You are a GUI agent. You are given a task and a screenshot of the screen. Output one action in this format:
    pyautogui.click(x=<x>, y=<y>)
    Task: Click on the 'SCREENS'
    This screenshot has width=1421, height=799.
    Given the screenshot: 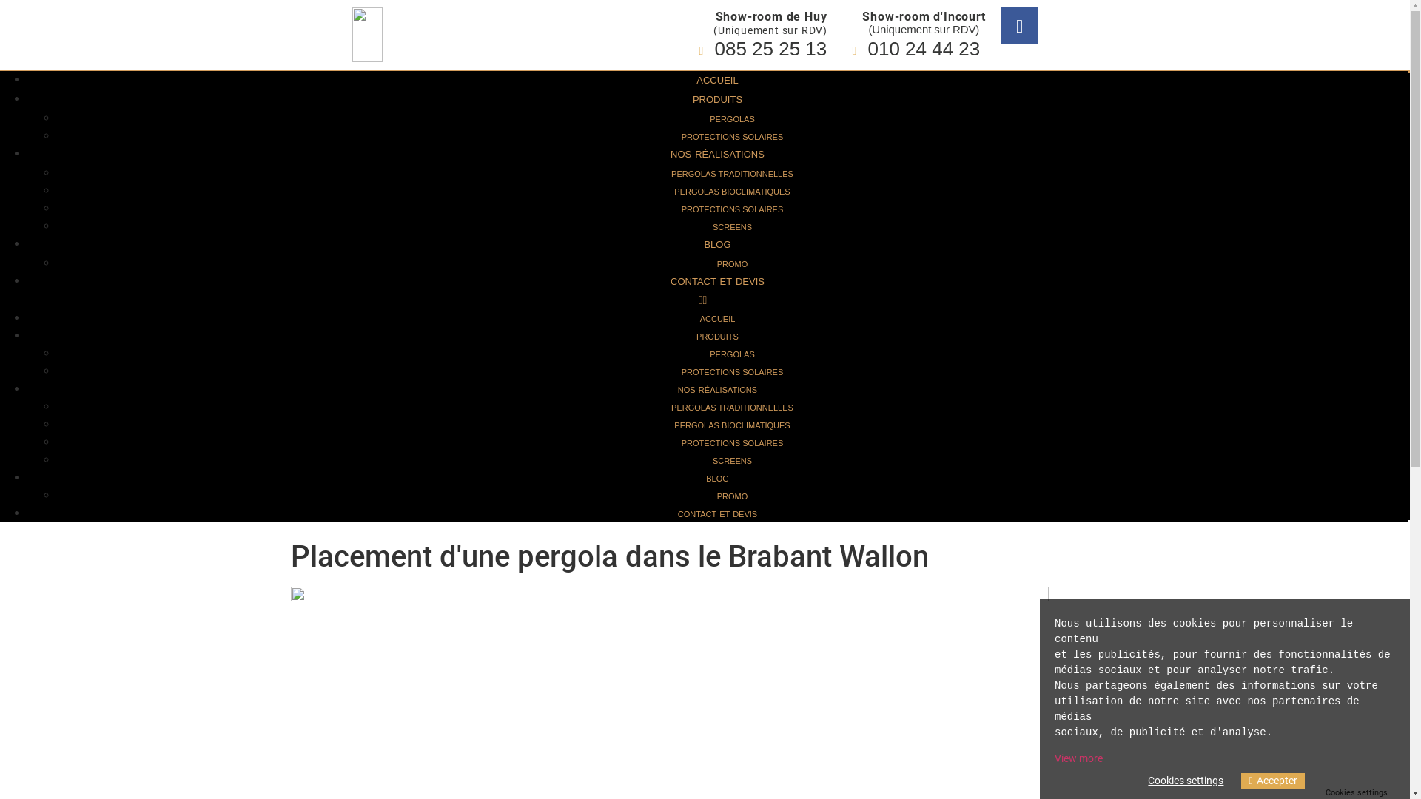 What is the action you would take?
    pyautogui.click(x=732, y=227)
    